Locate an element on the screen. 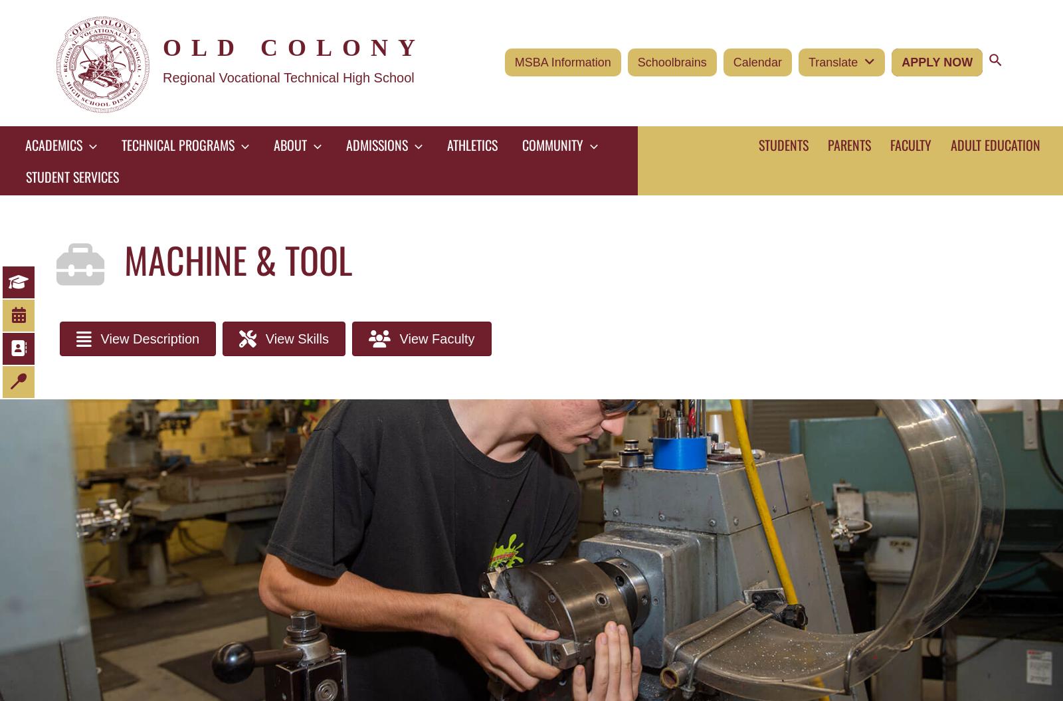 The image size is (1063, 701). 'Apply Now' is located at coordinates (937, 62).